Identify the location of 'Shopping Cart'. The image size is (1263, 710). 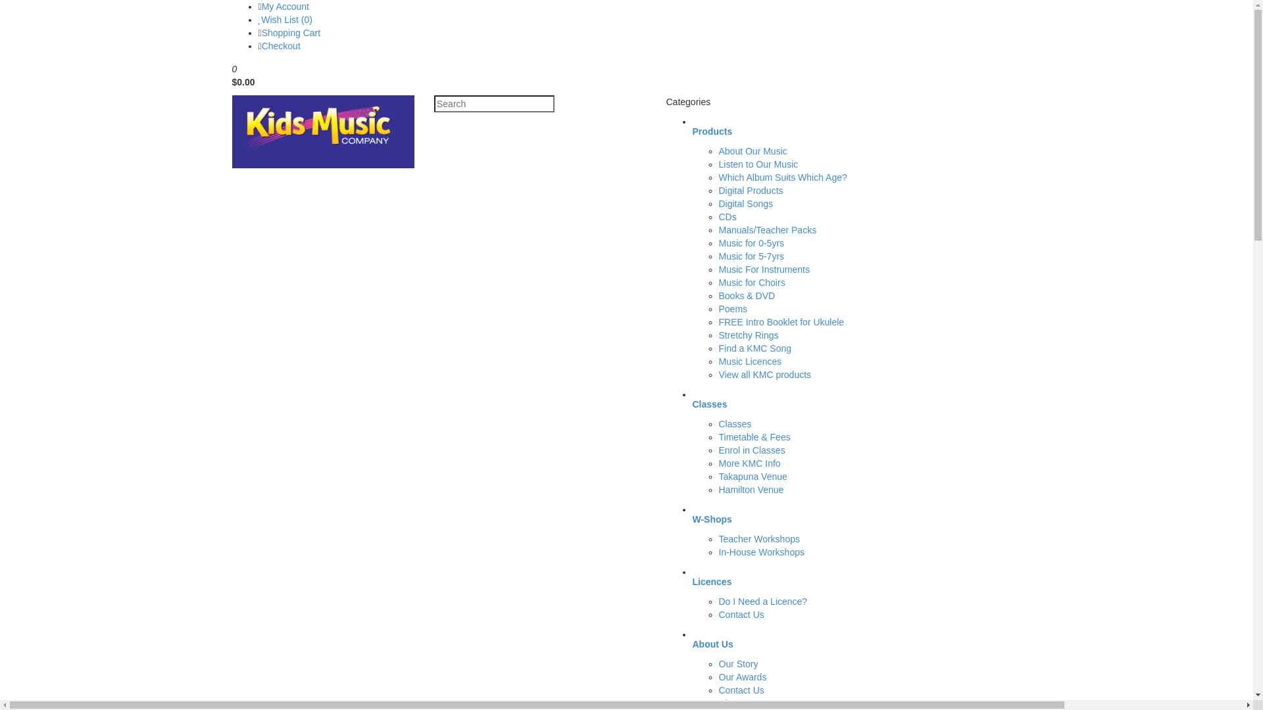
(290, 32).